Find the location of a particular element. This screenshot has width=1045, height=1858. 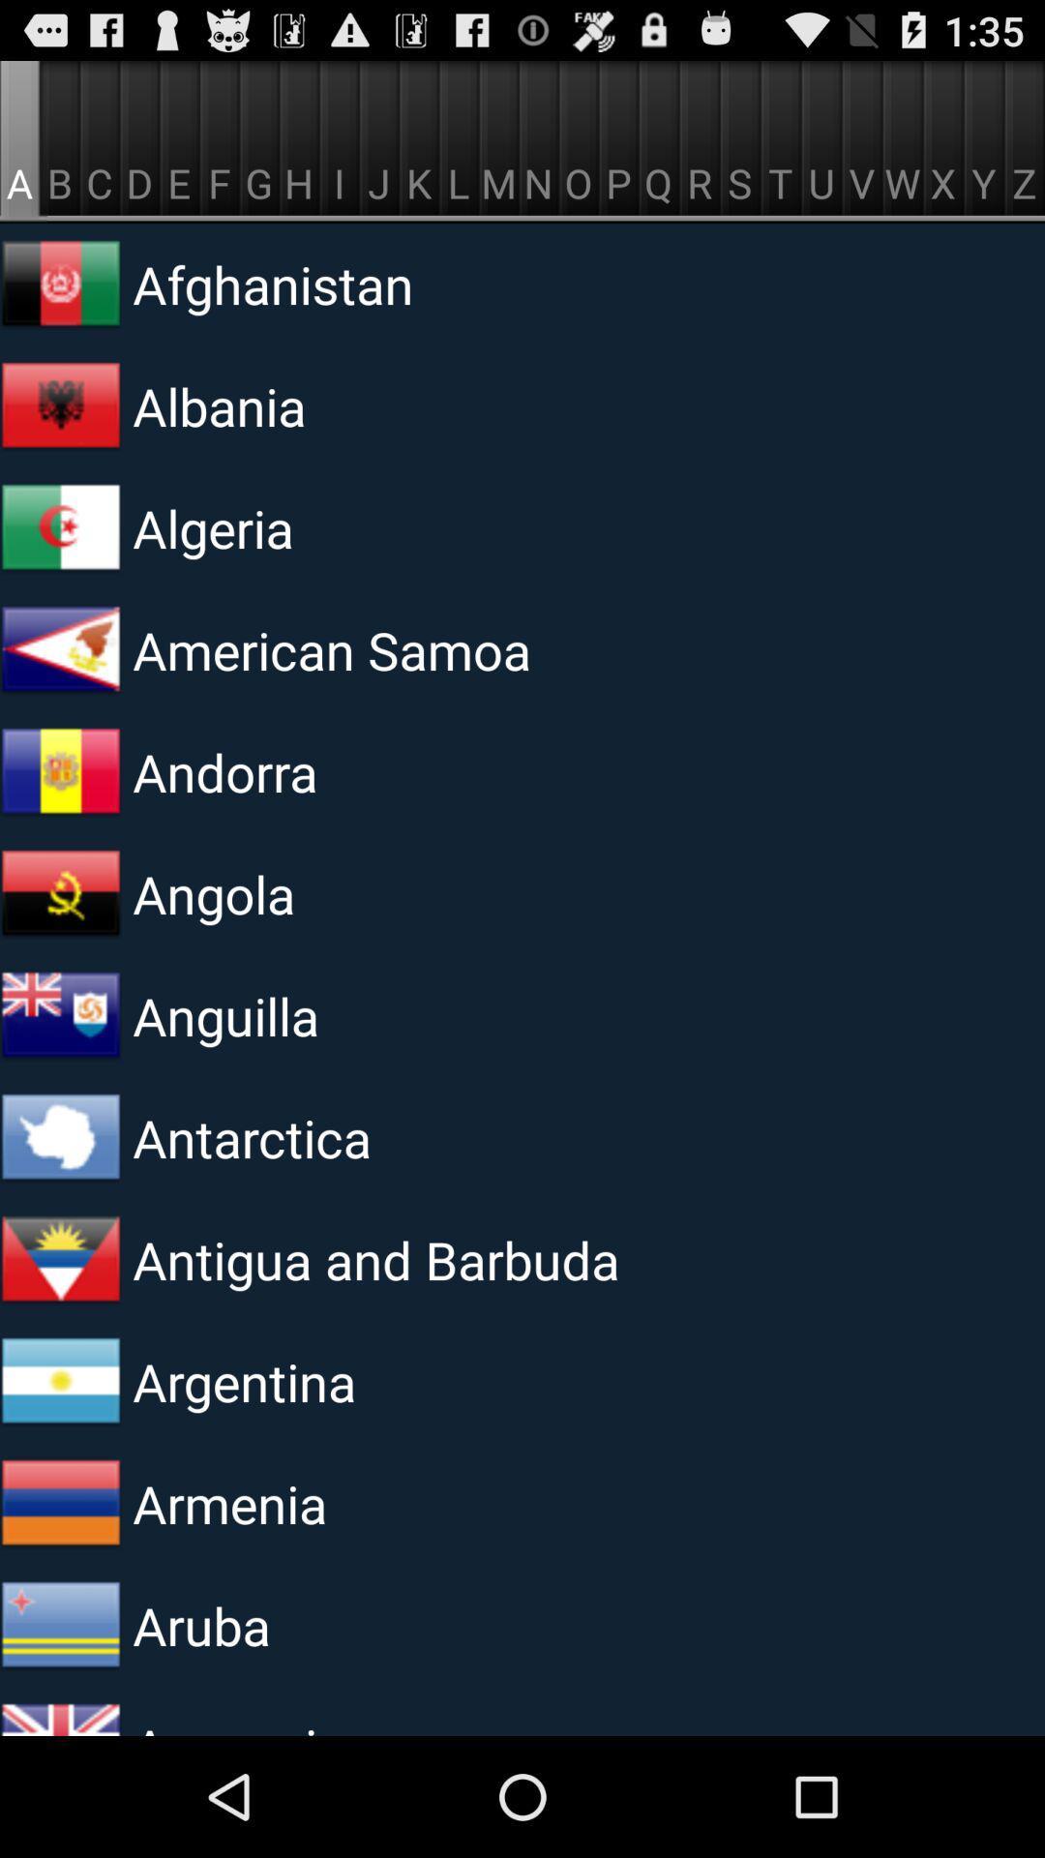

icon next to the argentina is located at coordinates (59, 1381).